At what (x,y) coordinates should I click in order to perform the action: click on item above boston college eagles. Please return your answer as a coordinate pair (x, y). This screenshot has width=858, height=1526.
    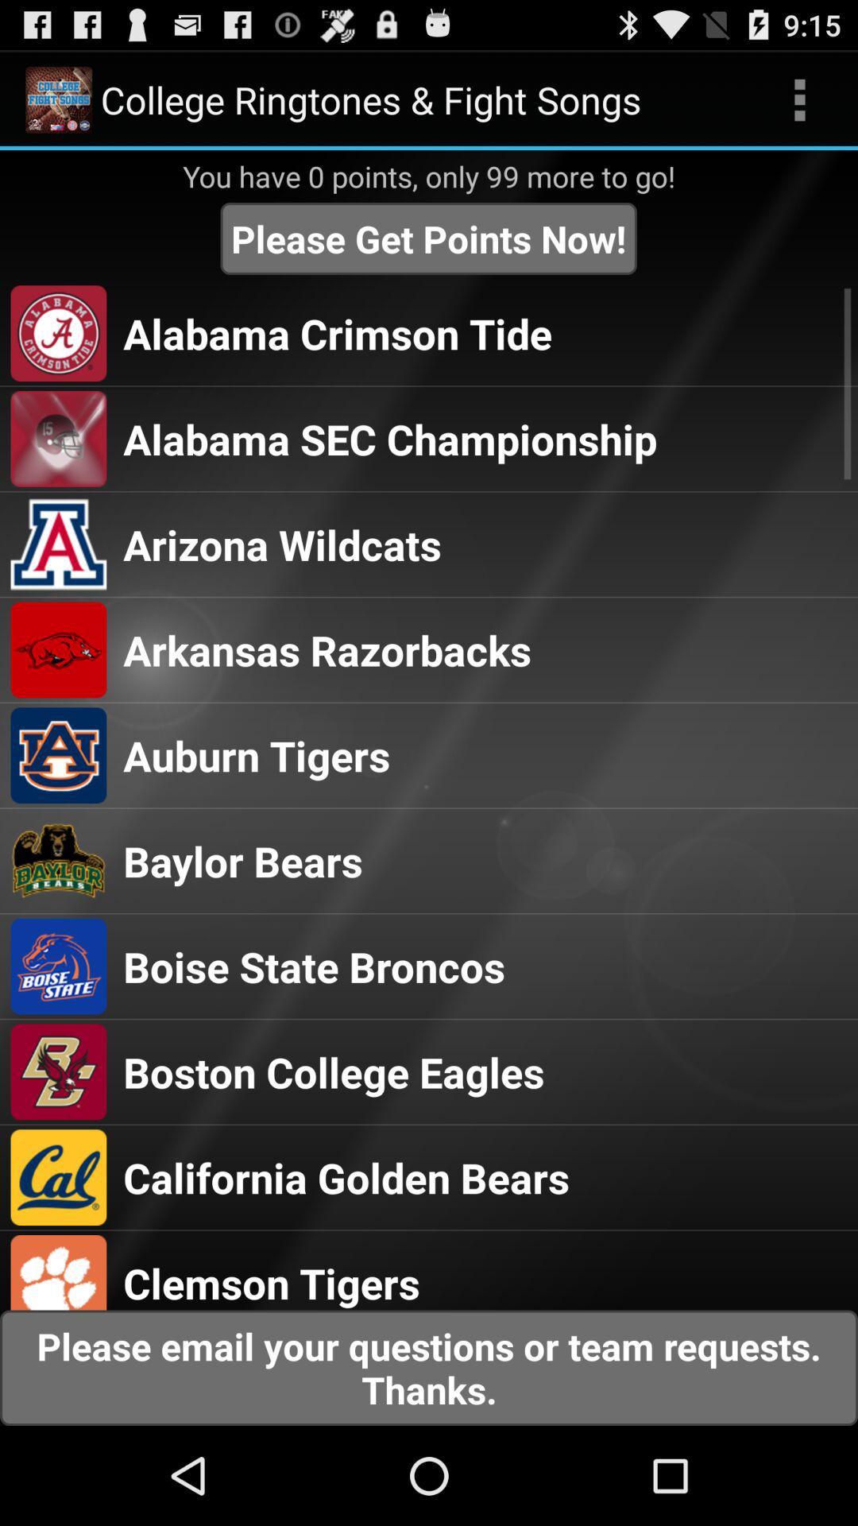
    Looking at the image, I should click on (314, 966).